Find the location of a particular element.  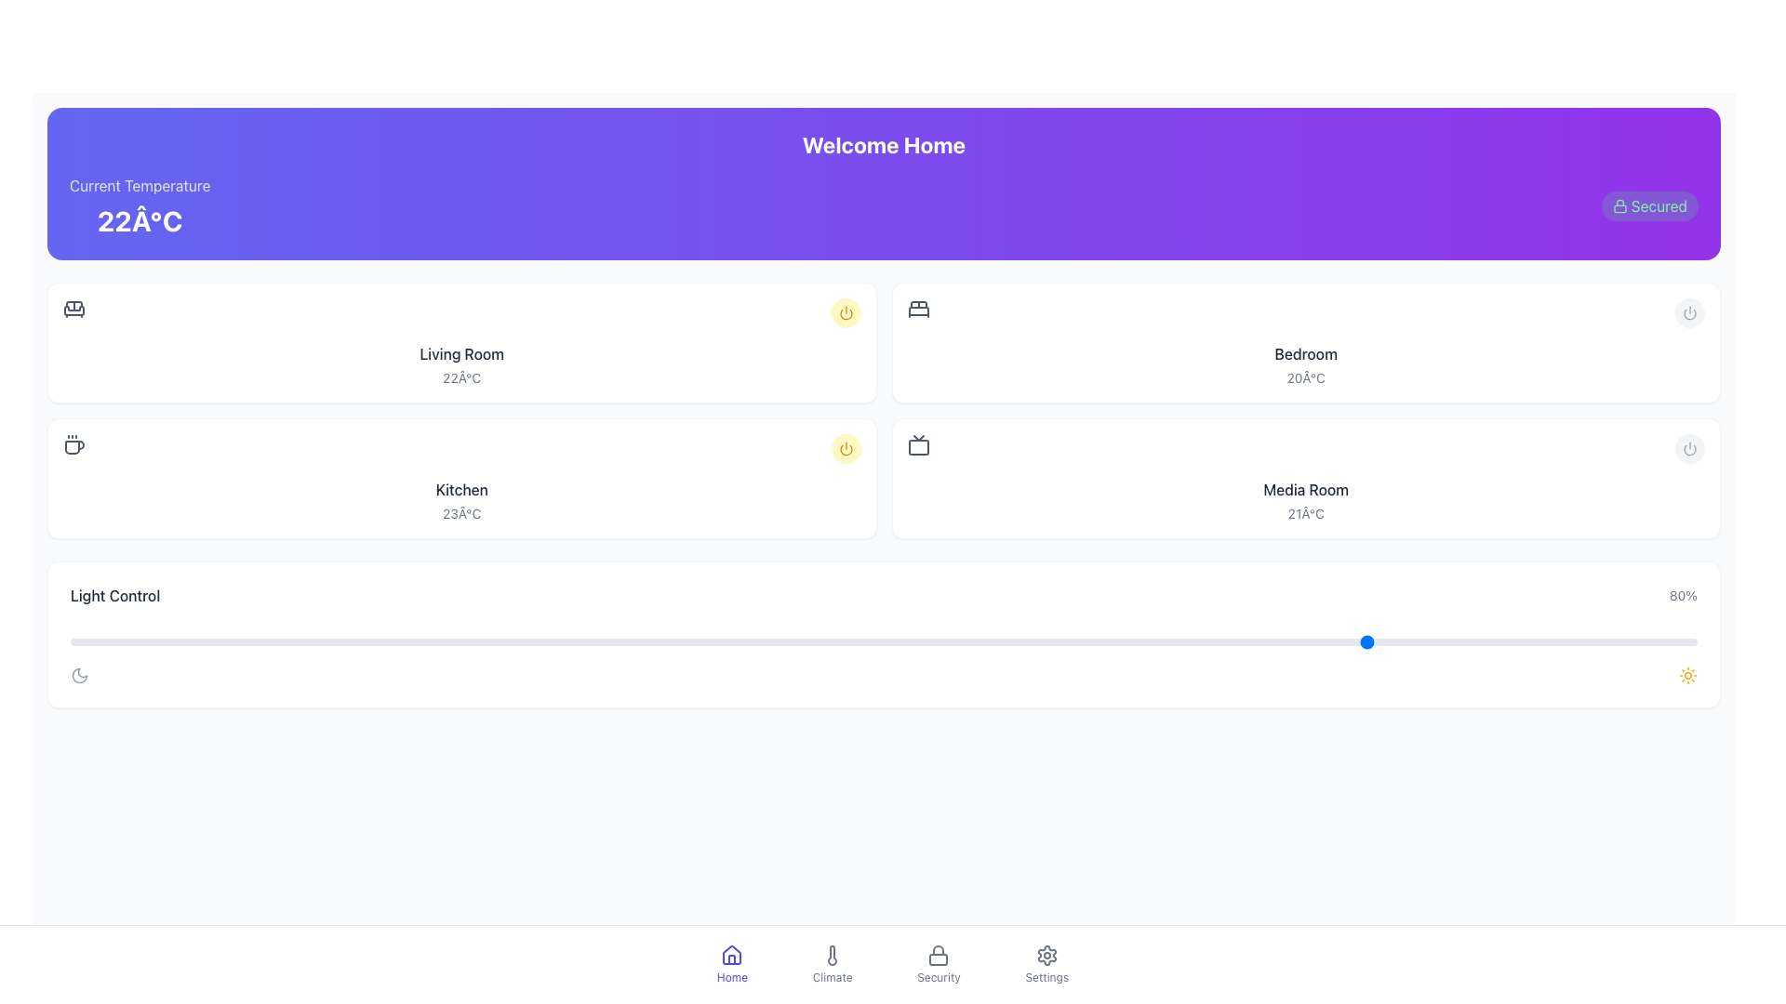

the outer curved stroke of the SVG icon styled as 'lucide-power' located at the top right corner of the 'Living Room' section is located at coordinates (845, 450).